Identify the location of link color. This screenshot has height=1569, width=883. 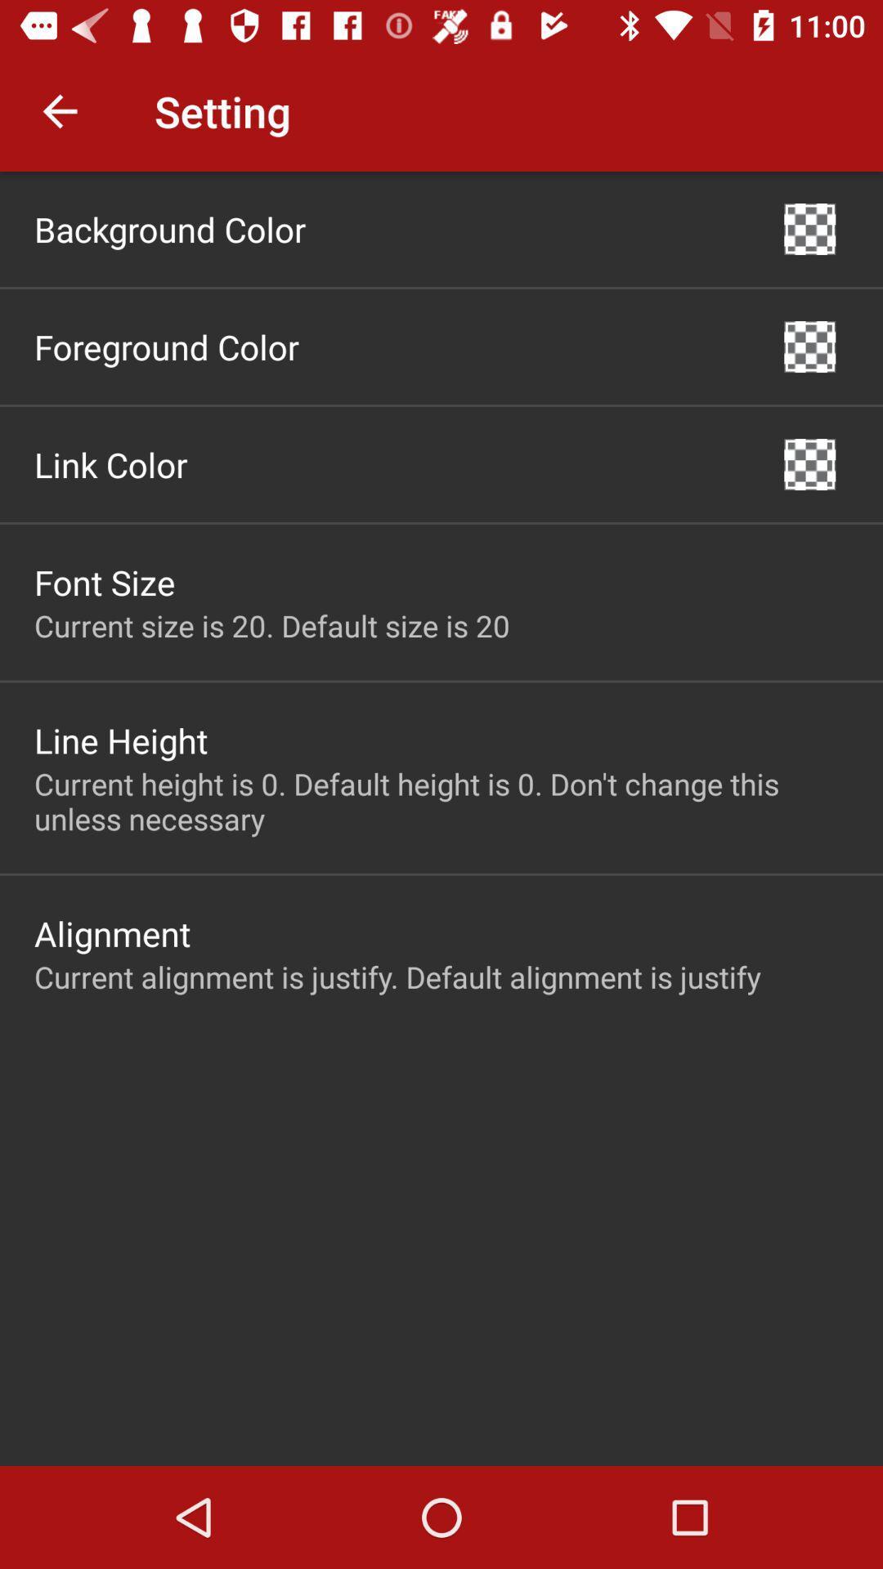
(110, 463).